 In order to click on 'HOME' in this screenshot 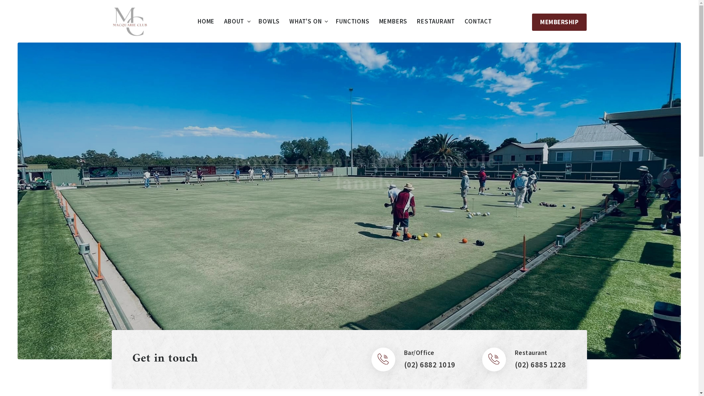, I will do `click(205, 21)`.